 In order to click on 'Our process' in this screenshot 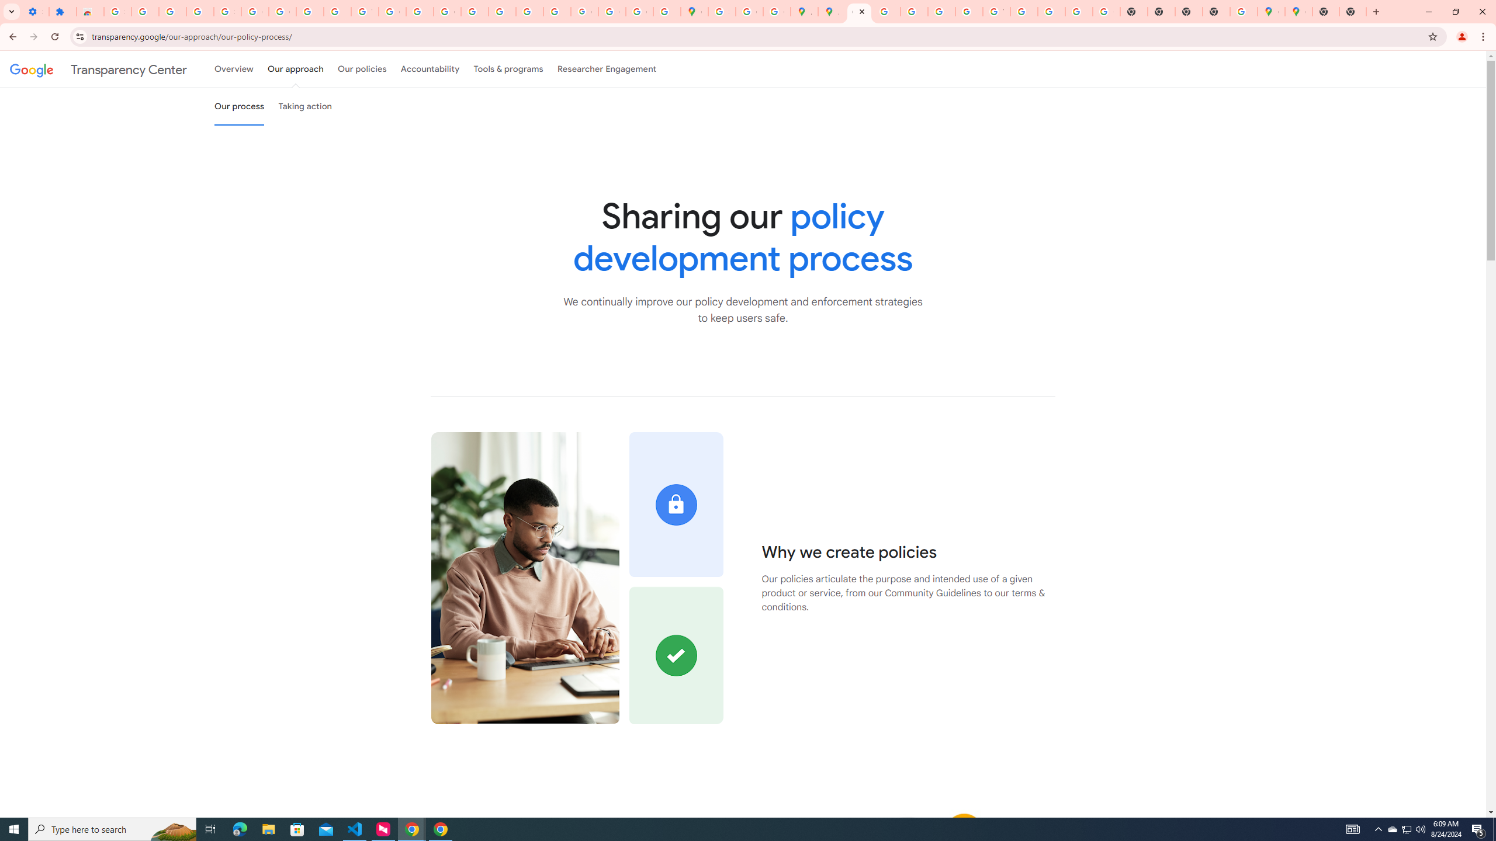, I will do `click(238, 106)`.